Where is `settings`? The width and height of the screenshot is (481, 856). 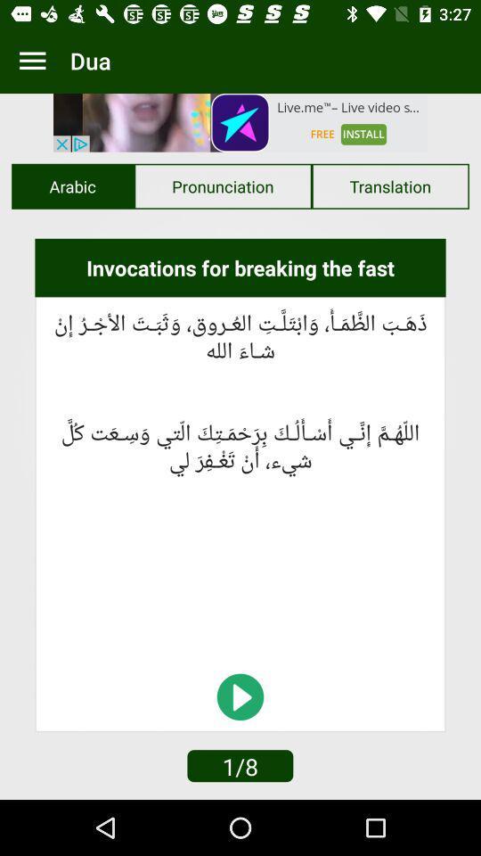
settings is located at coordinates (32, 61).